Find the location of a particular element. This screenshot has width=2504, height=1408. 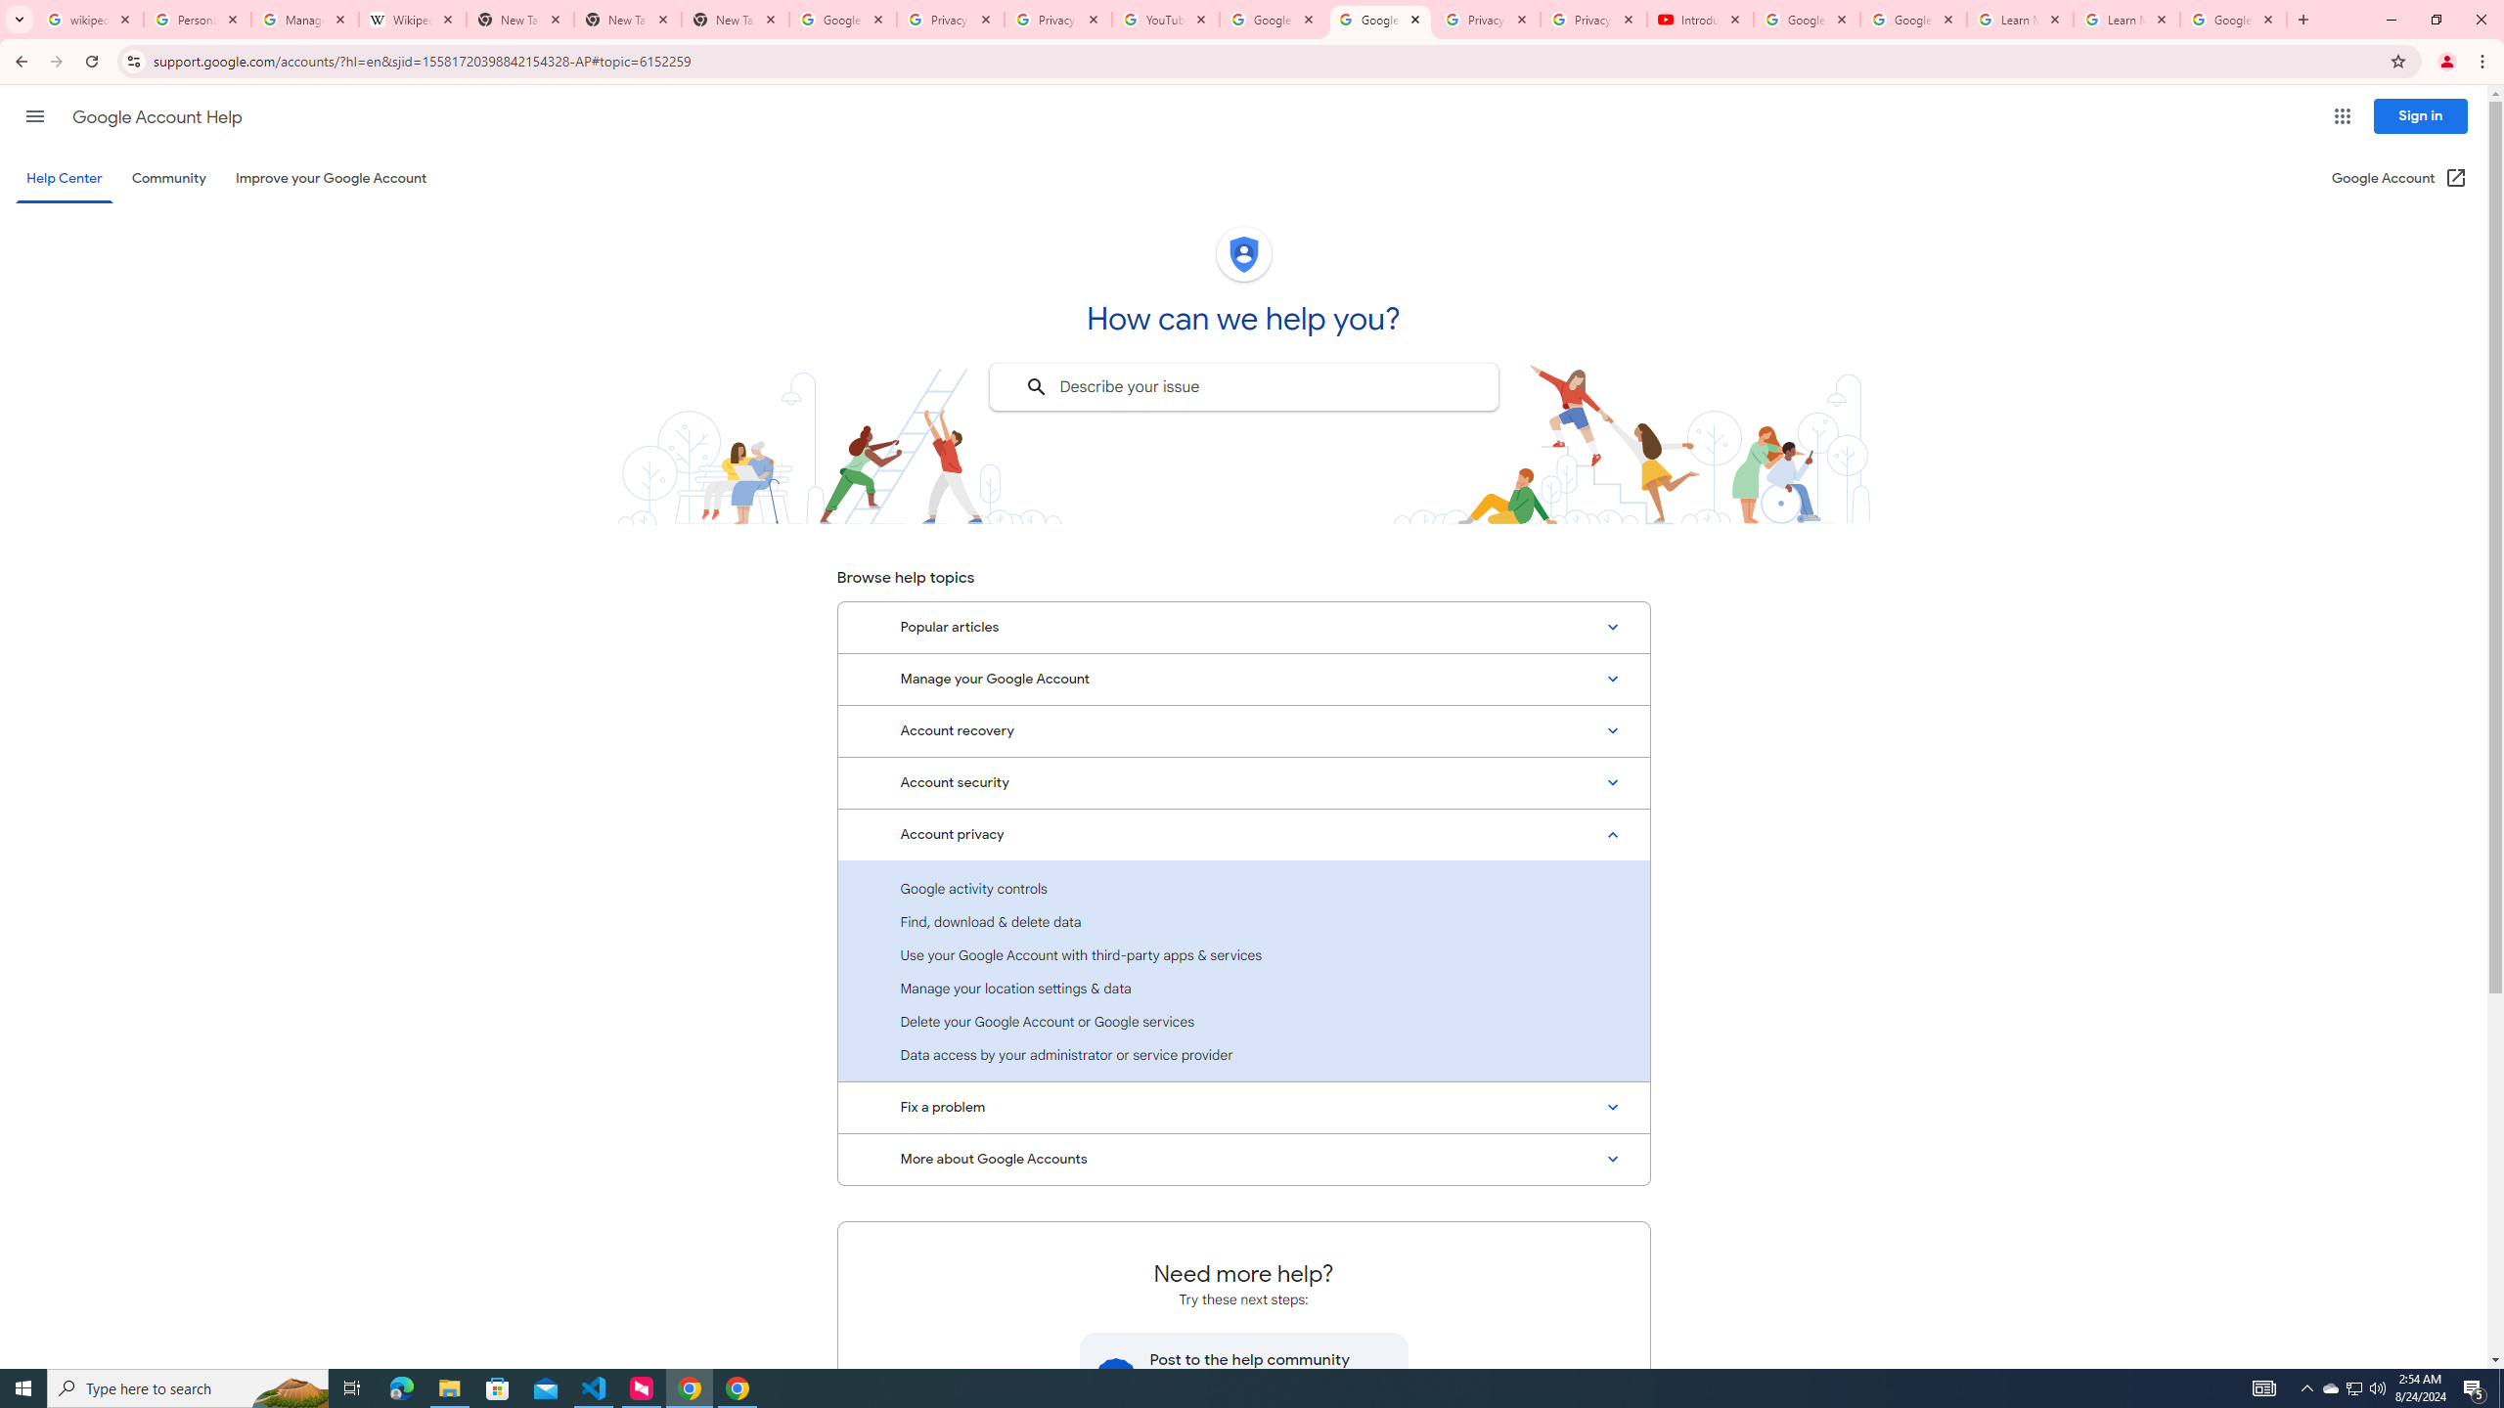

'Account security' is located at coordinates (1243, 782).